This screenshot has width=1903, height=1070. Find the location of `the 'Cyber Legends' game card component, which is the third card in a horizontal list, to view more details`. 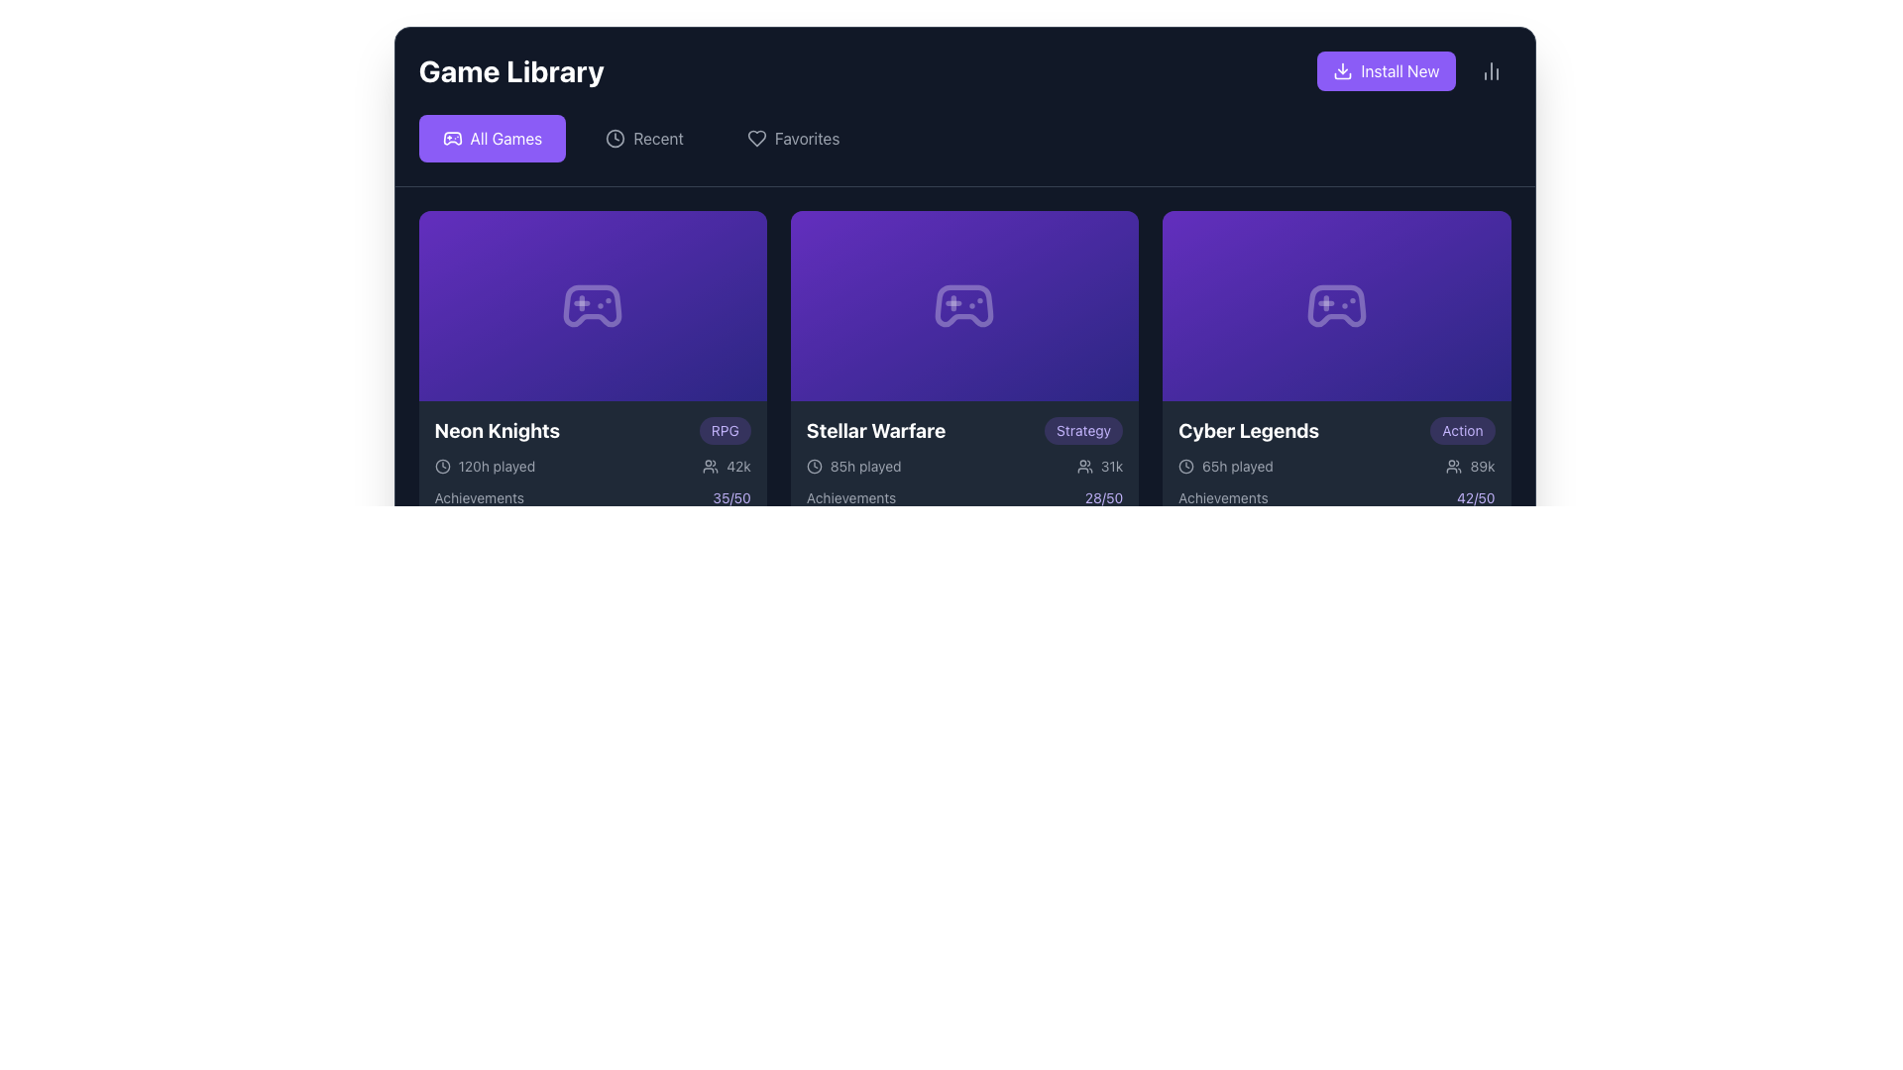

the 'Cyber Legends' game card component, which is the third card in a horizontal list, to view more details is located at coordinates (1336, 374).